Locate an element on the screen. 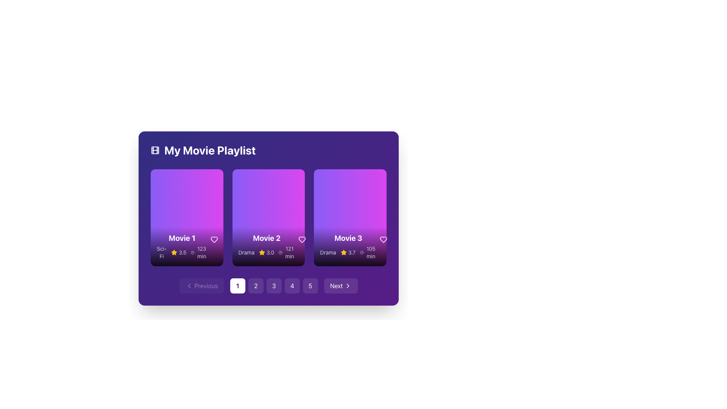 The image size is (727, 409). the 'Next' button located at the bottom-right of the interface is located at coordinates (340, 286).